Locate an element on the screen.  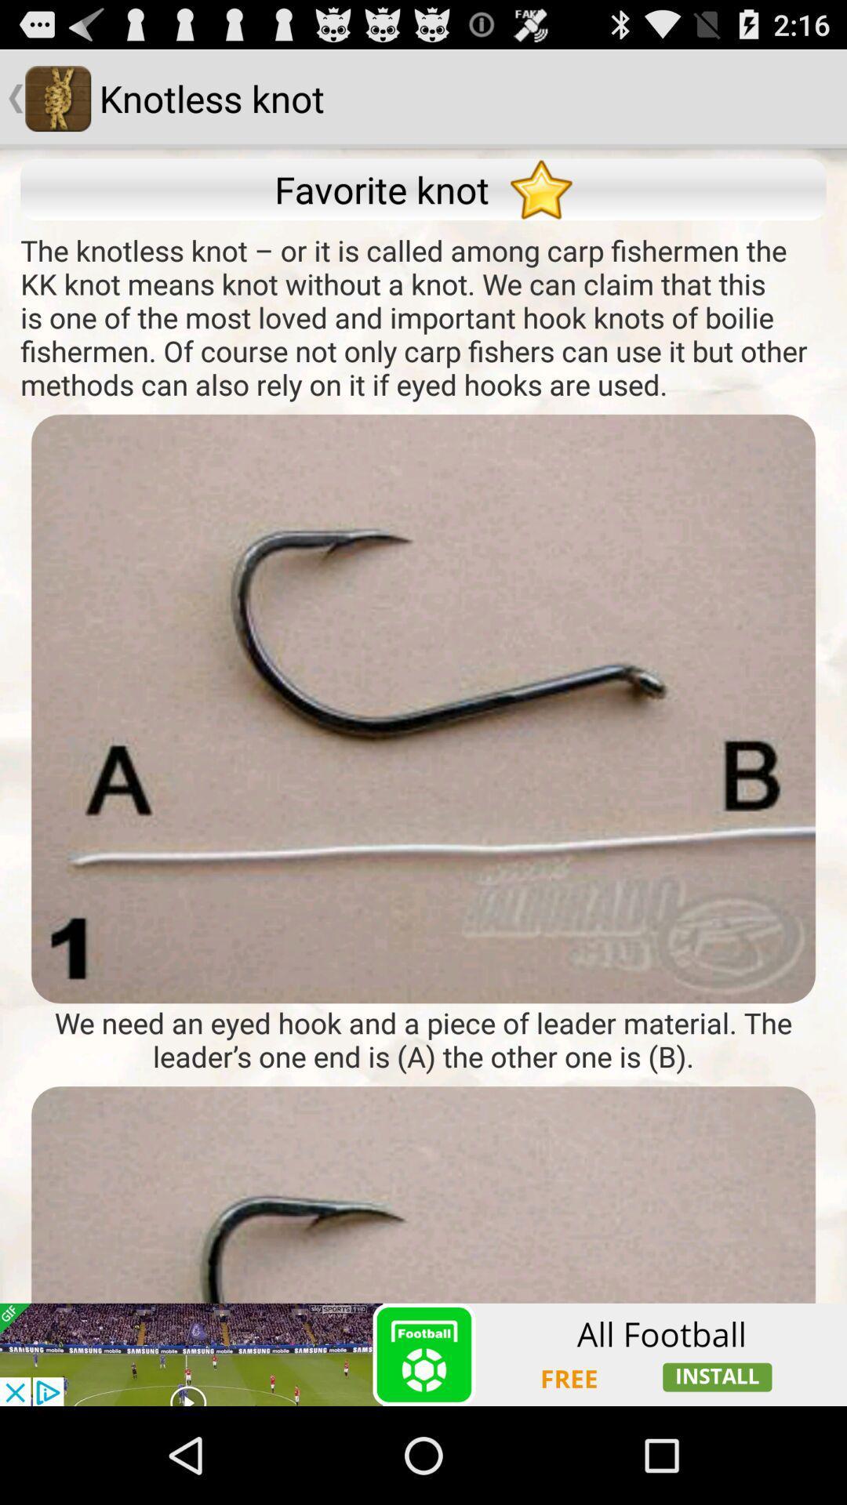
the adversitement is located at coordinates (423, 1245).